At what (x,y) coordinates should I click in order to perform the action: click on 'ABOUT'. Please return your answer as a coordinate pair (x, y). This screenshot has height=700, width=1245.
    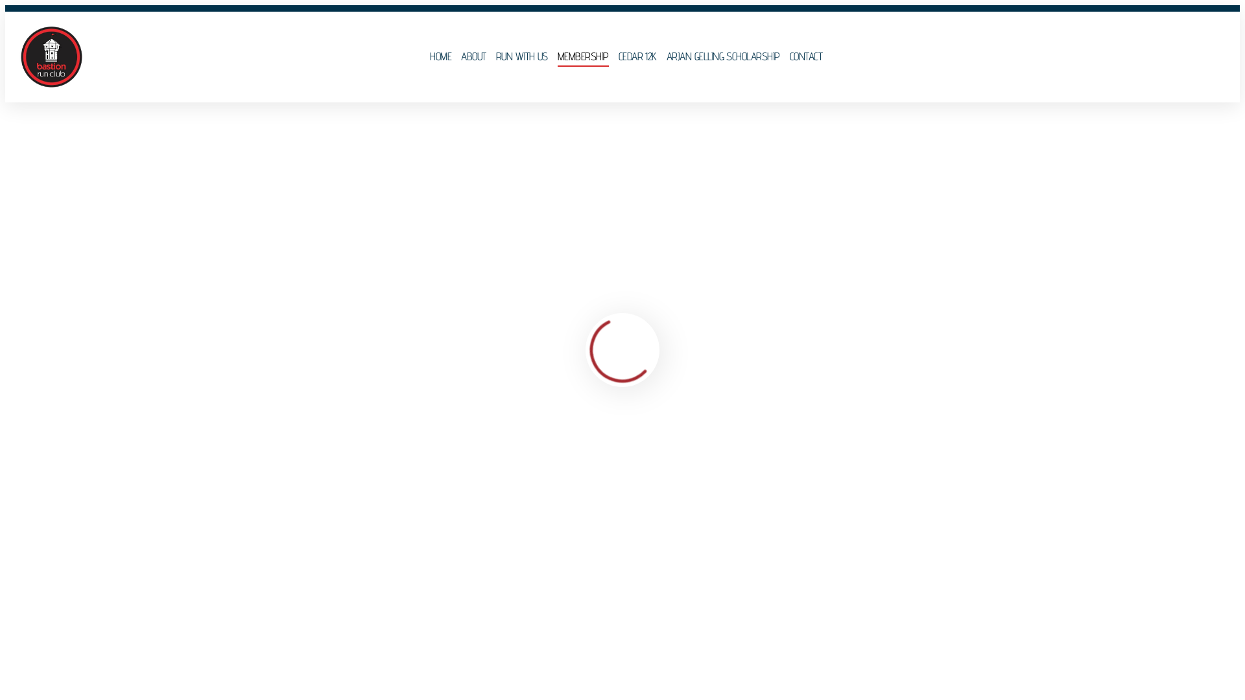
    Looking at the image, I should click on (460, 56).